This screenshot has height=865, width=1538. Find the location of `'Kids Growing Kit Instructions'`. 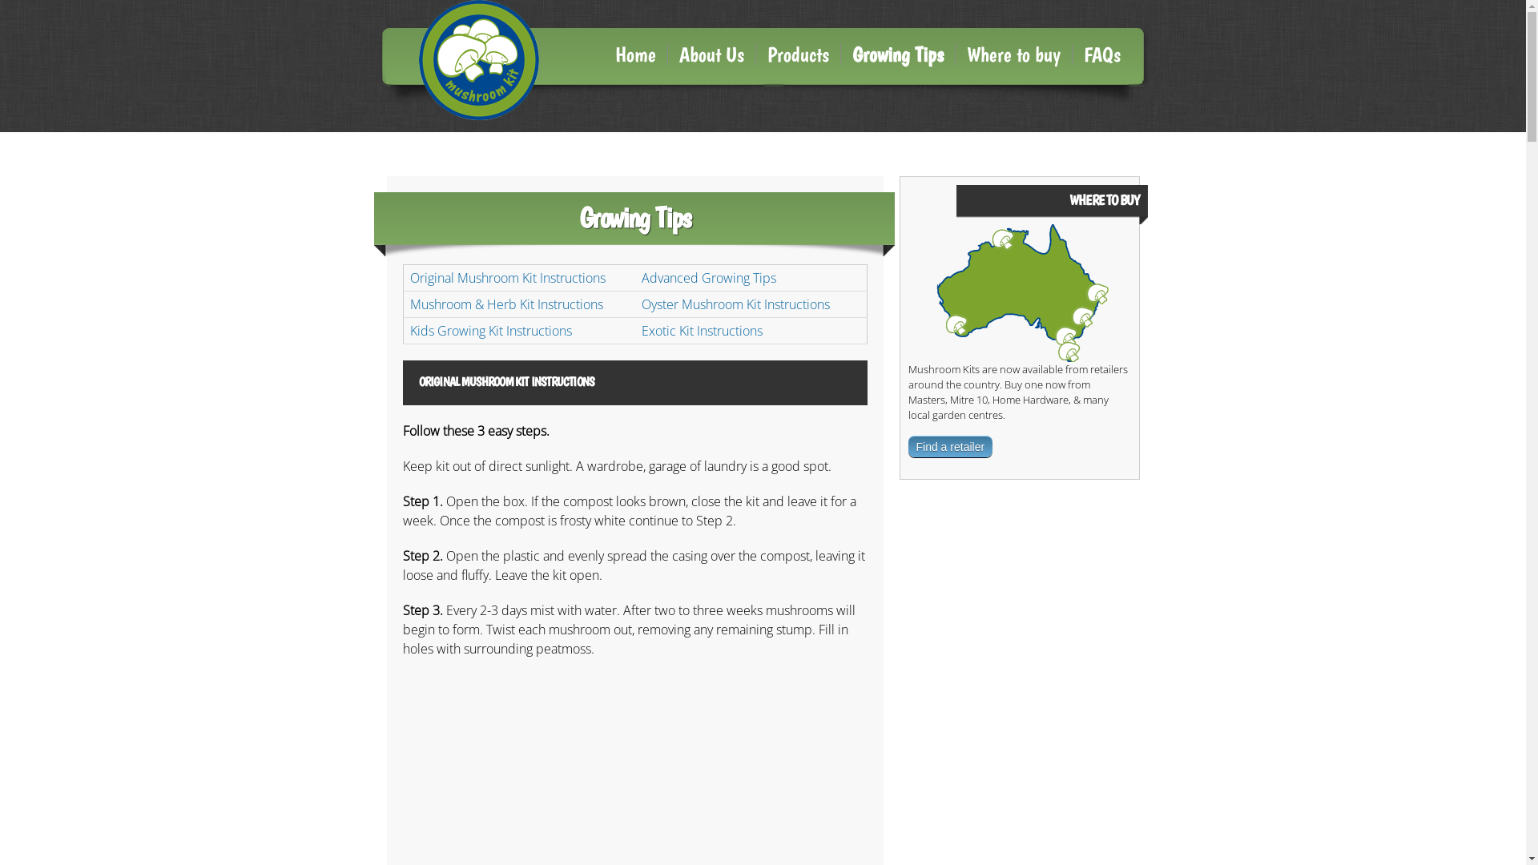

'Kids Growing Kit Instructions' is located at coordinates (490, 329).